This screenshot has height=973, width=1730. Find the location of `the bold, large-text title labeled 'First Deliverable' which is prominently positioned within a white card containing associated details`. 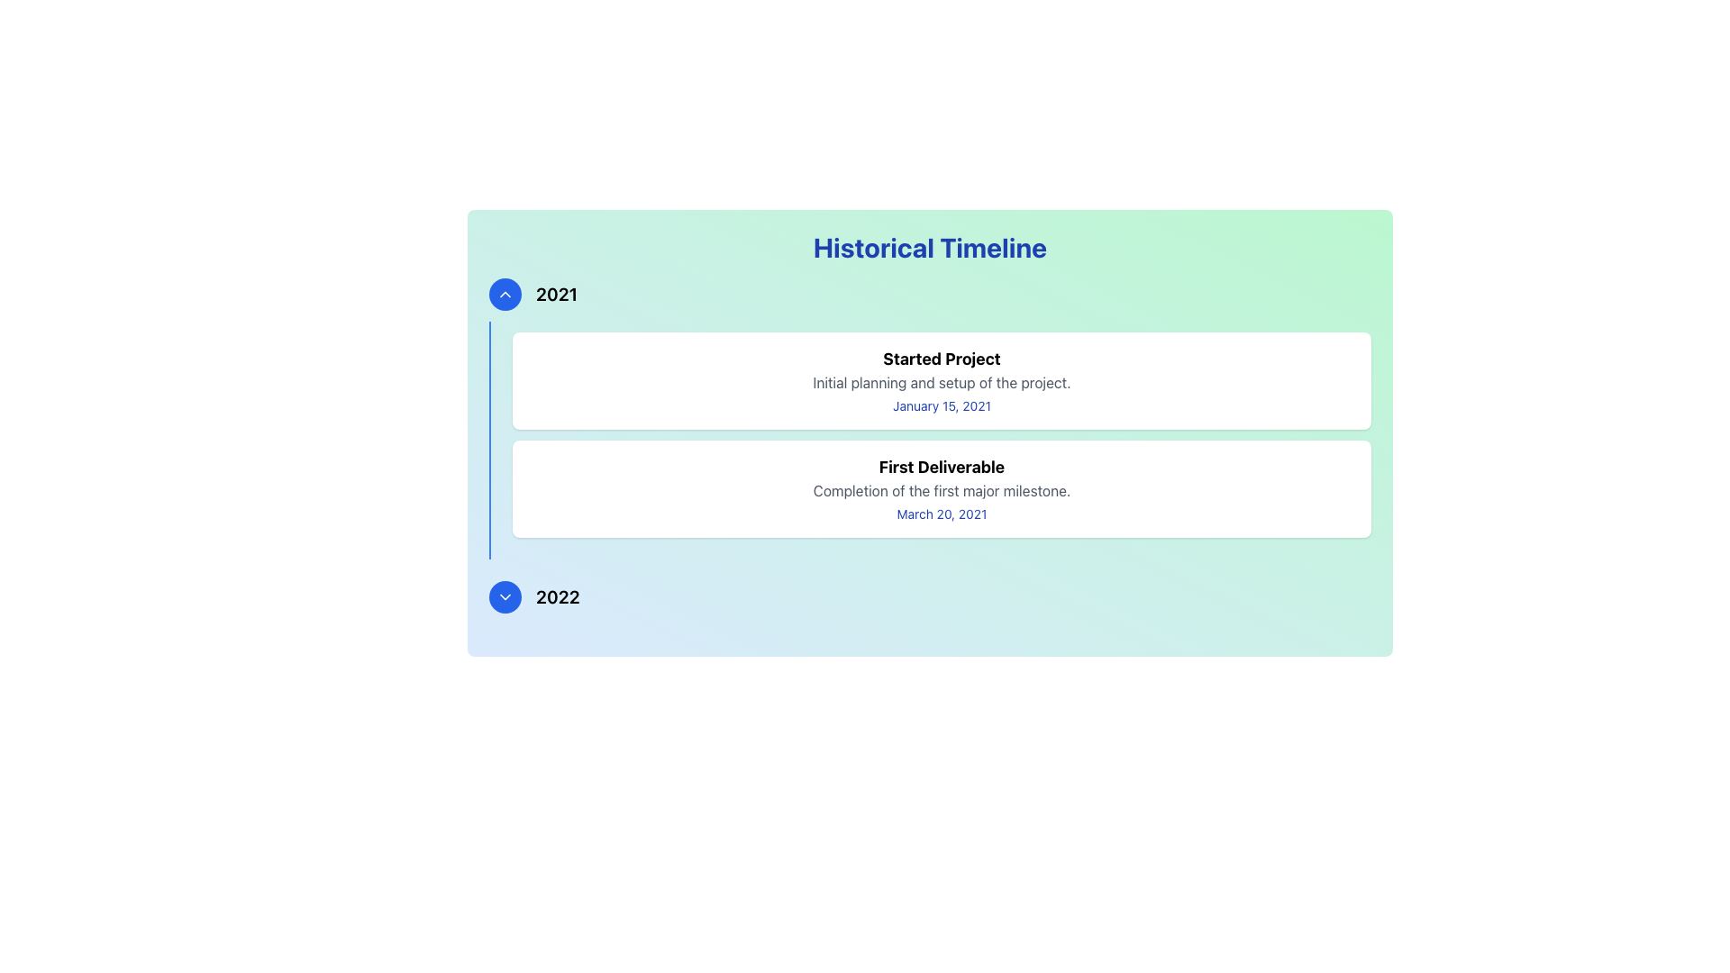

the bold, large-text title labeled 'First Deliverable' which is prominently positioned within a white card containing associated details is located at coordinates (941, 467).